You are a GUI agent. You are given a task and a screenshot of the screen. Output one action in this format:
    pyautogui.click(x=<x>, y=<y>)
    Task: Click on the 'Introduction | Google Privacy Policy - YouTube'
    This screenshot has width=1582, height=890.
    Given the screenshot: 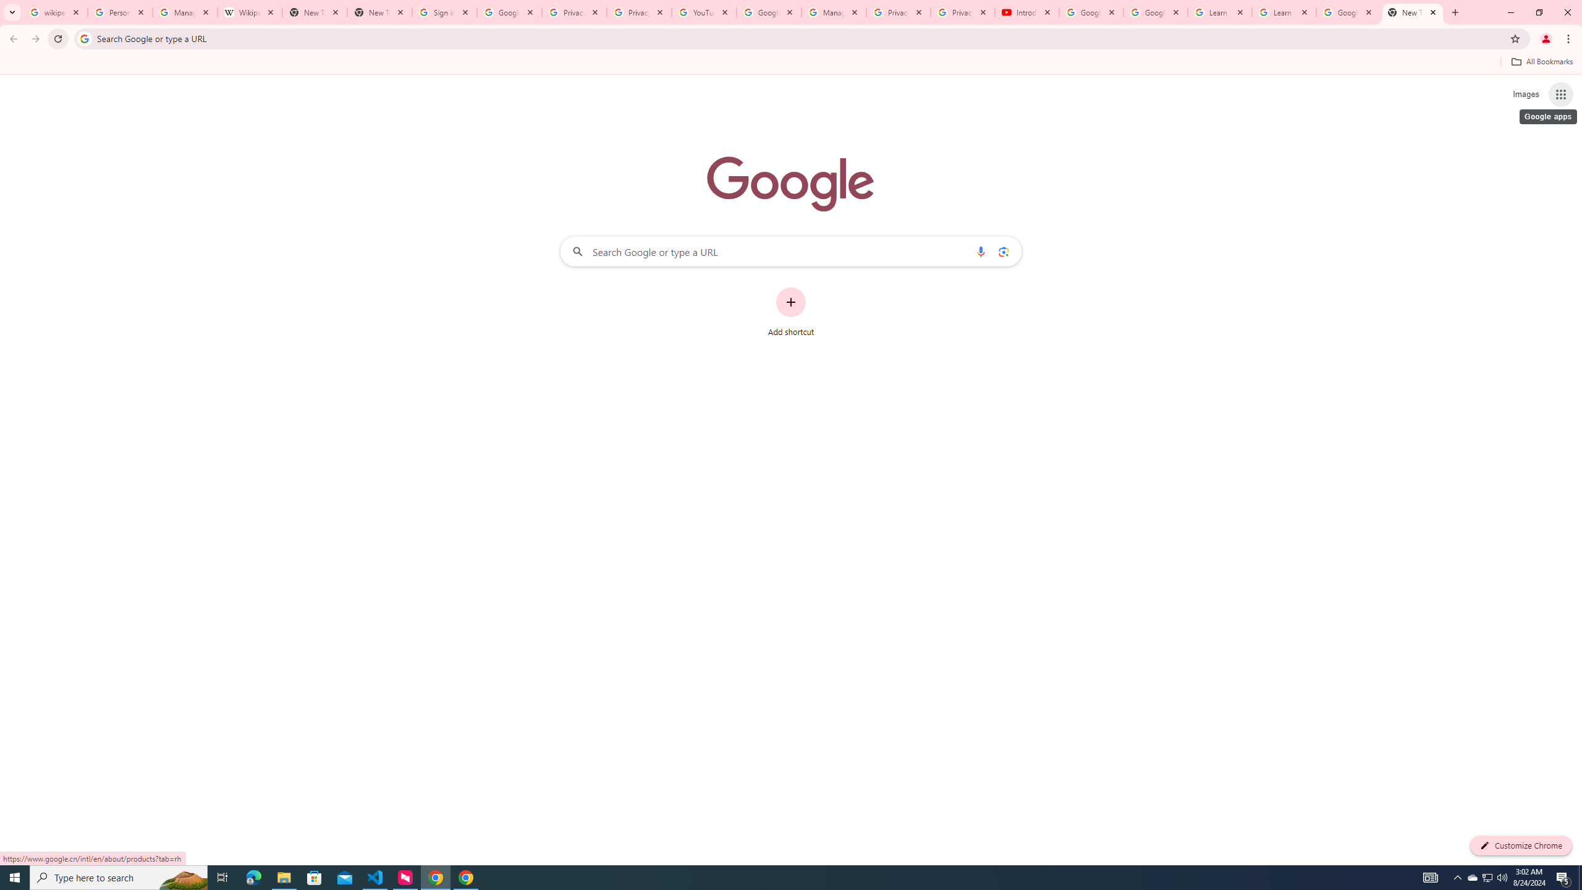 What is the action you would take?
    pyautogui.click(x=1026, y=12)
    